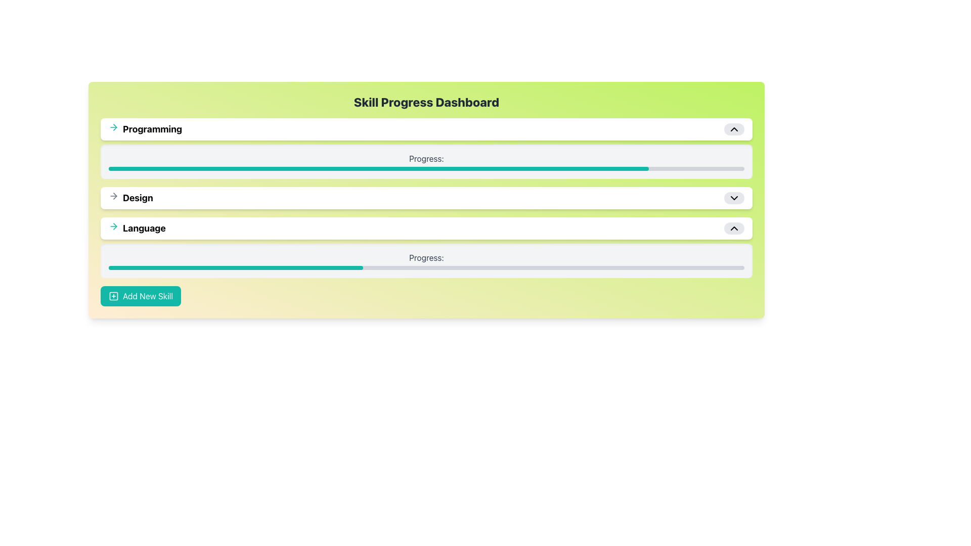 The image size is (971, 546). What do you see at coordinates (734, 228) in the screenshot?
I see `the upward-facing chevron icon located in the rightmost section of the 'Language' skill progress bar` at bounding box center [734, 228].